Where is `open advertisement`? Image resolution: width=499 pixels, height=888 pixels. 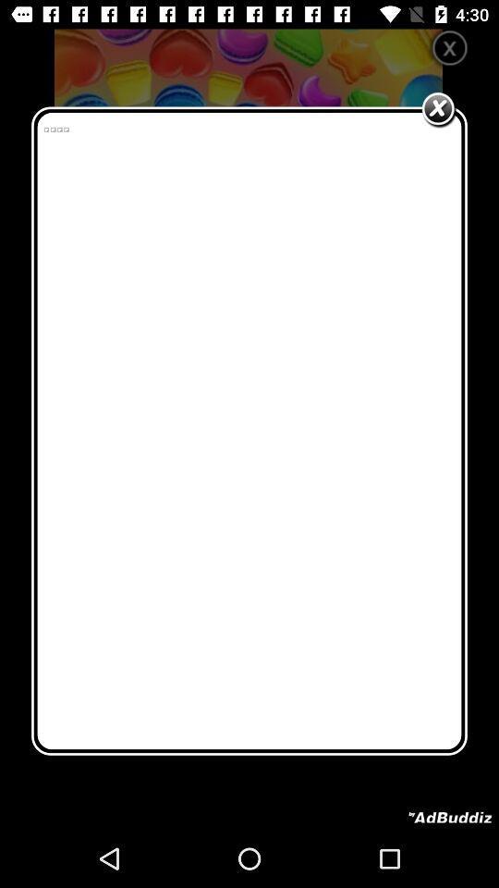
open advertisement is located at coordinates (449, 817).